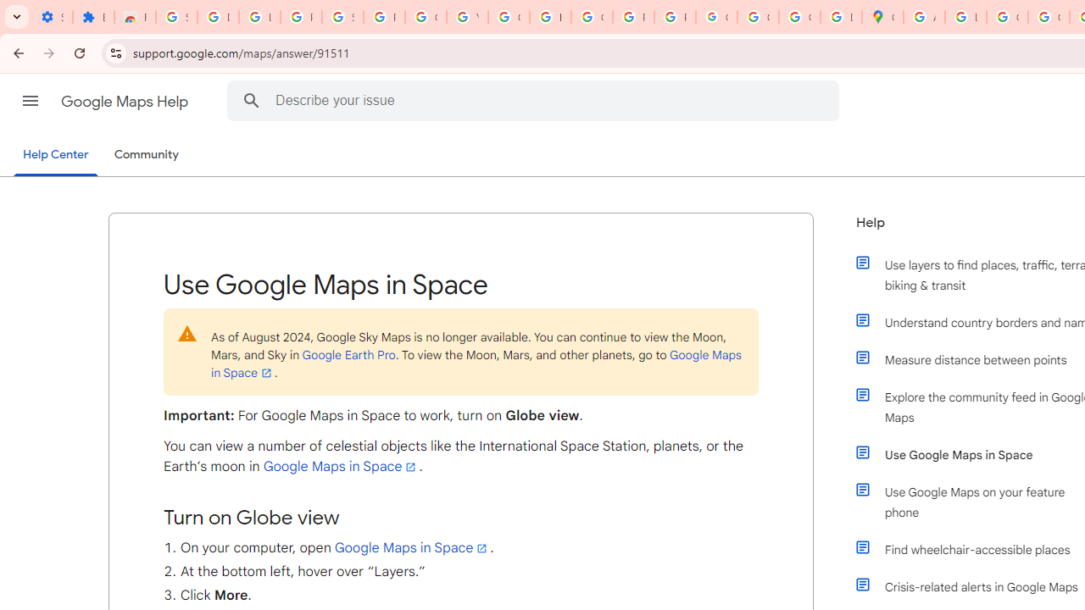  What do you see at coordinates (412, 547) in the screenshot?
I see `'Google Maps in Space'` at bounding box center [412, 547].